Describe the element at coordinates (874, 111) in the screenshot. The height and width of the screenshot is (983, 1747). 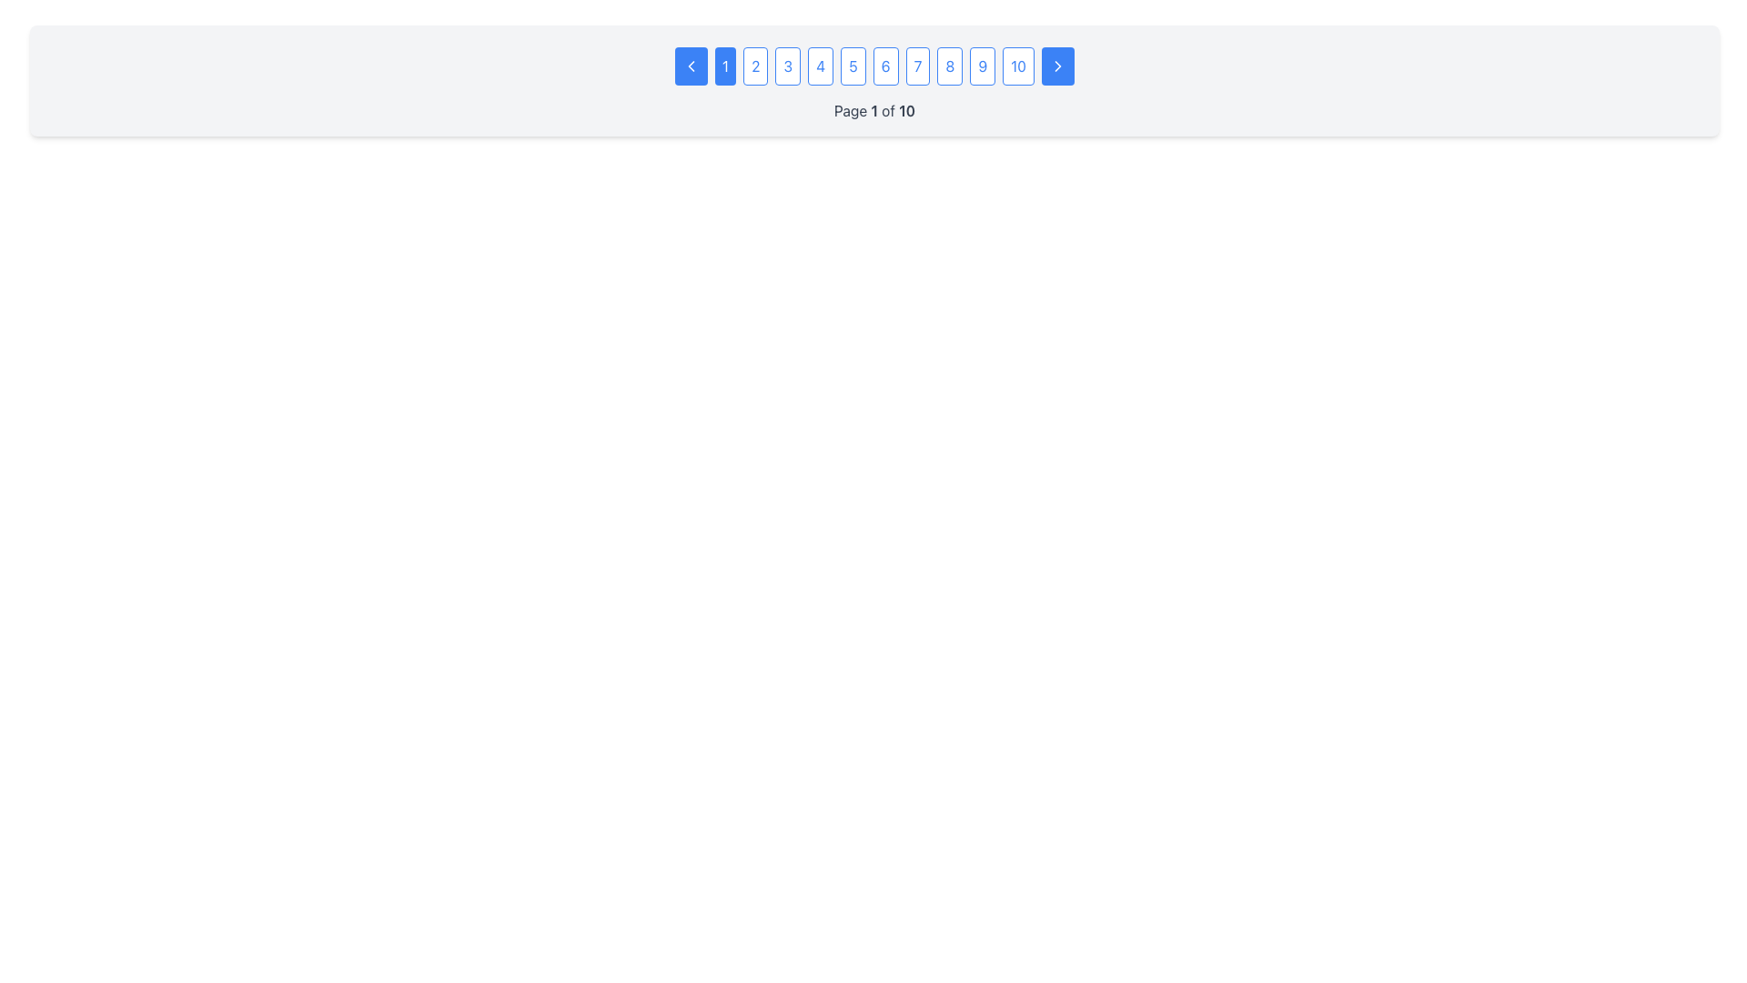
I see `the text label indicating the current page number, which displays 'Page 1 of 10' and is located near the bottom right of the pagination bar` at that location.